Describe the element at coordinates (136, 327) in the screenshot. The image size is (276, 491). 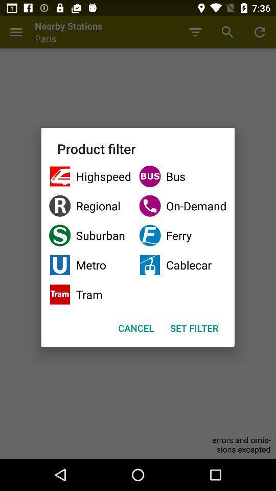
I see `cancel button` at that location.